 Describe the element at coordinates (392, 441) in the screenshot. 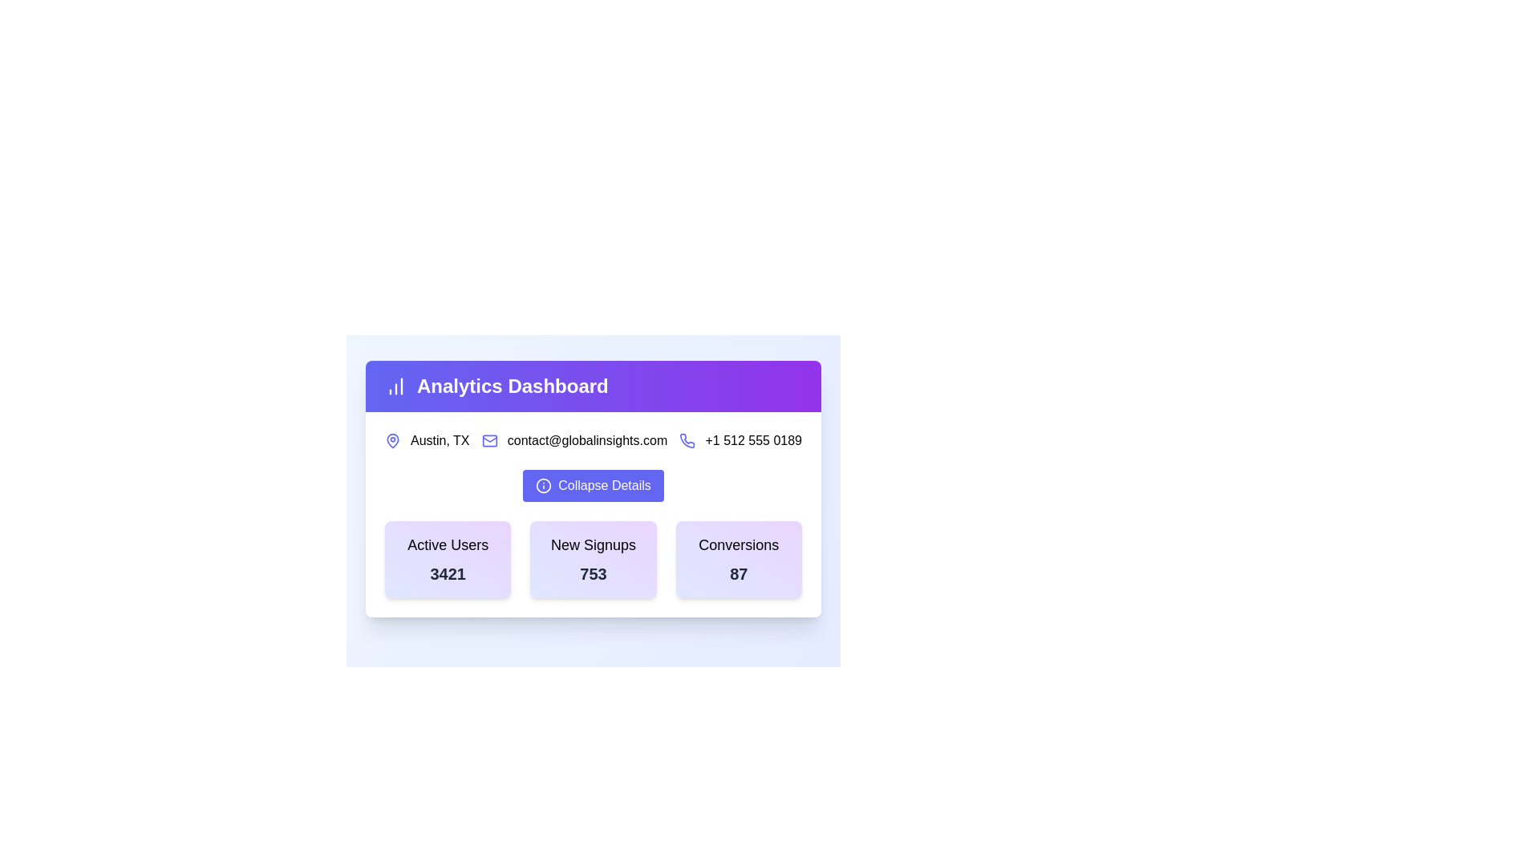

I see `the indigo map pin icon located to the left of the text 'Austin, TX' for context` at that location.